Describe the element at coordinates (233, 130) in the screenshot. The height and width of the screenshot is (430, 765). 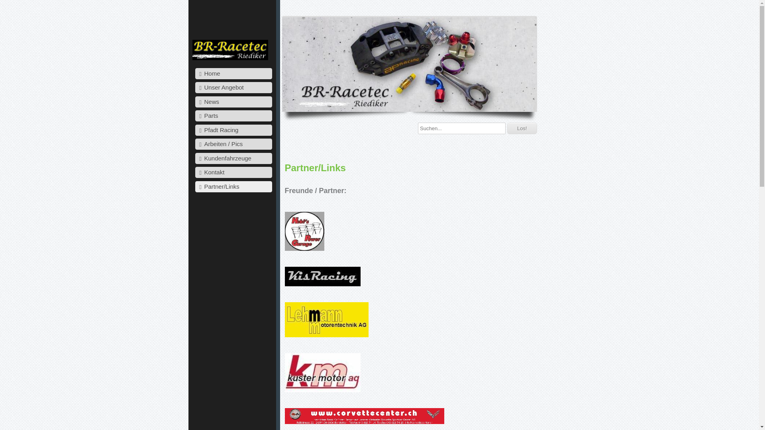
I see `'Pfadt Racing'` at that location.